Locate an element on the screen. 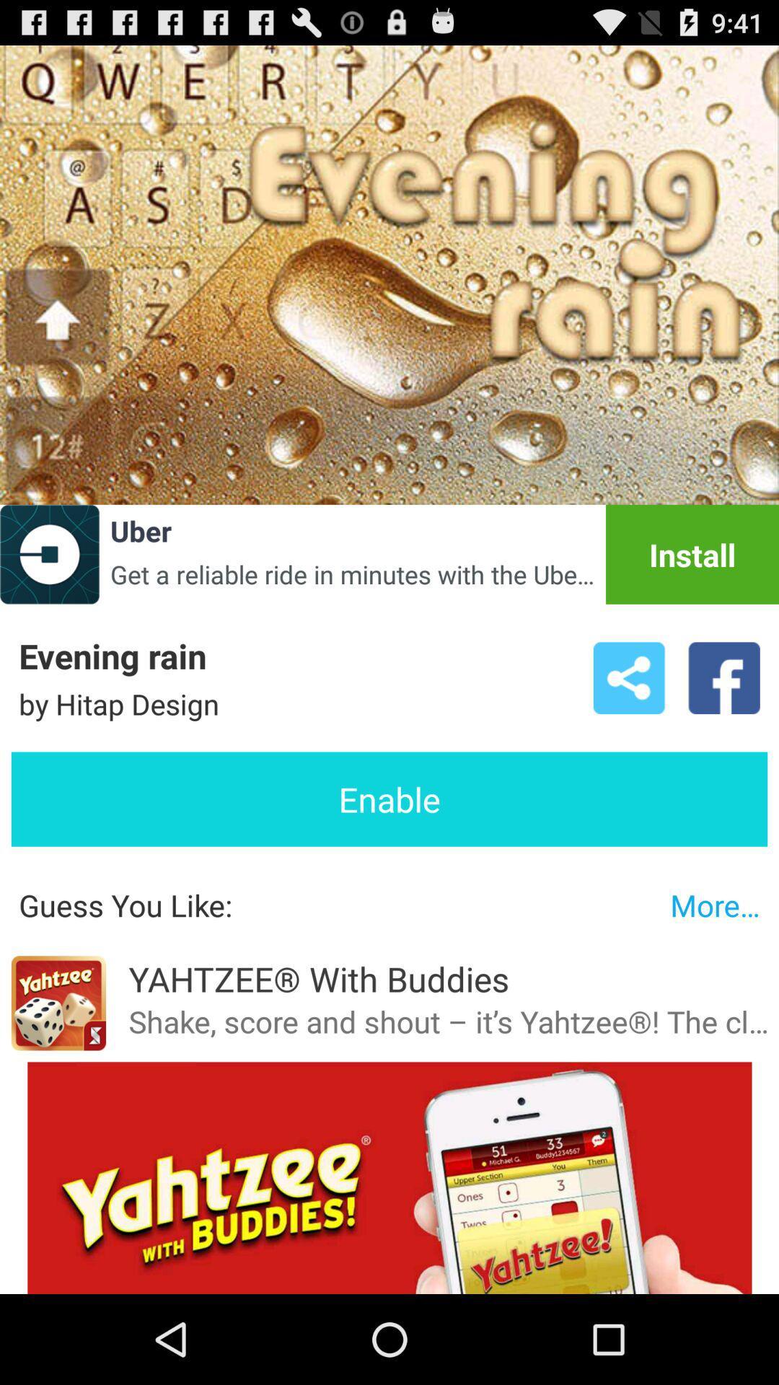 This screenshot has width=779, height=1385. enable is located at coordinates (389, 799).